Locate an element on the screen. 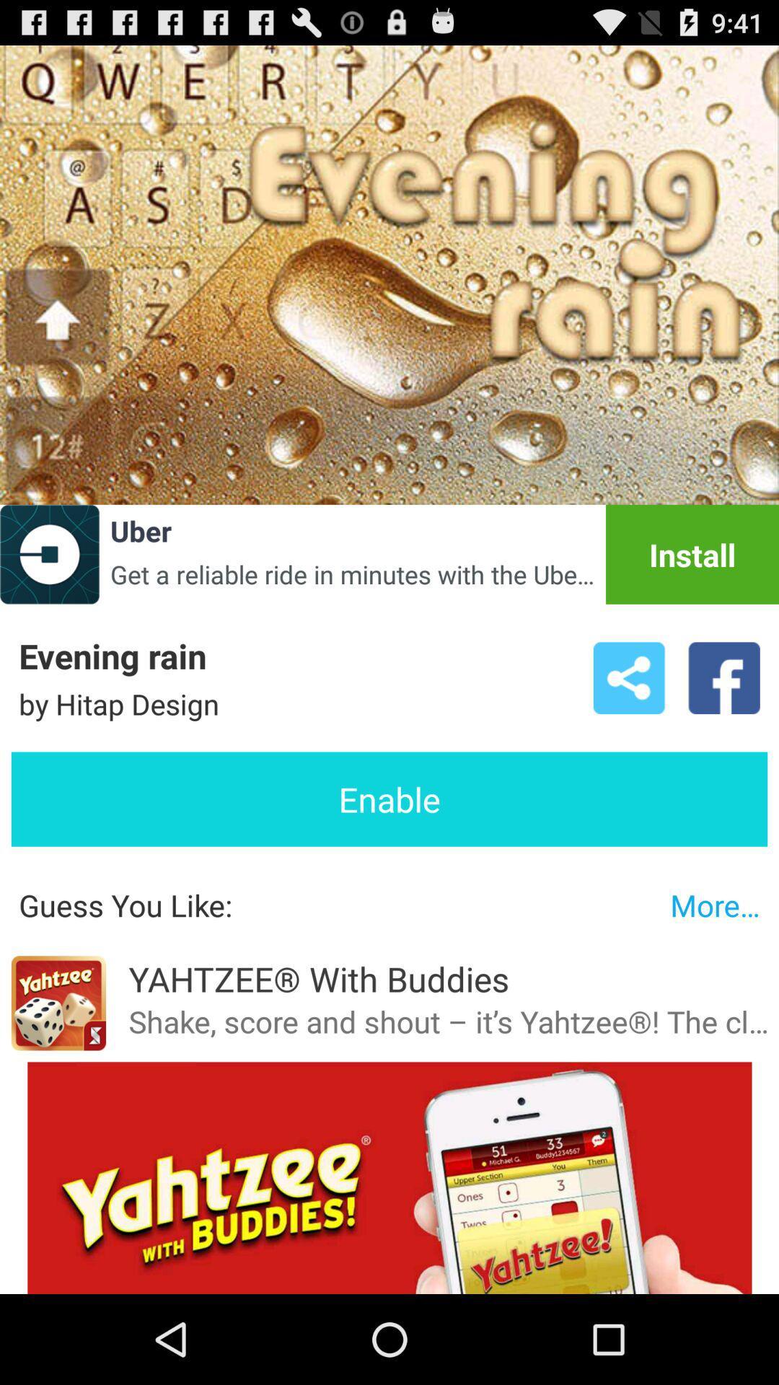 This screenshot has width=779, height=1385. enable is located at coordinates (389, 799).